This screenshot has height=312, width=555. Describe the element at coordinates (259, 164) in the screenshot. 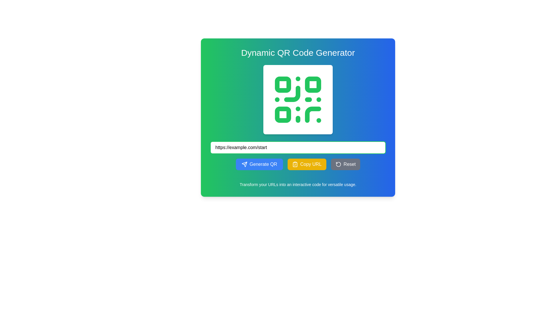

I see `the leftmost button in the row of three buttons located centrally on the page to generate the QR code based on the URL provided in the input field` at that location.